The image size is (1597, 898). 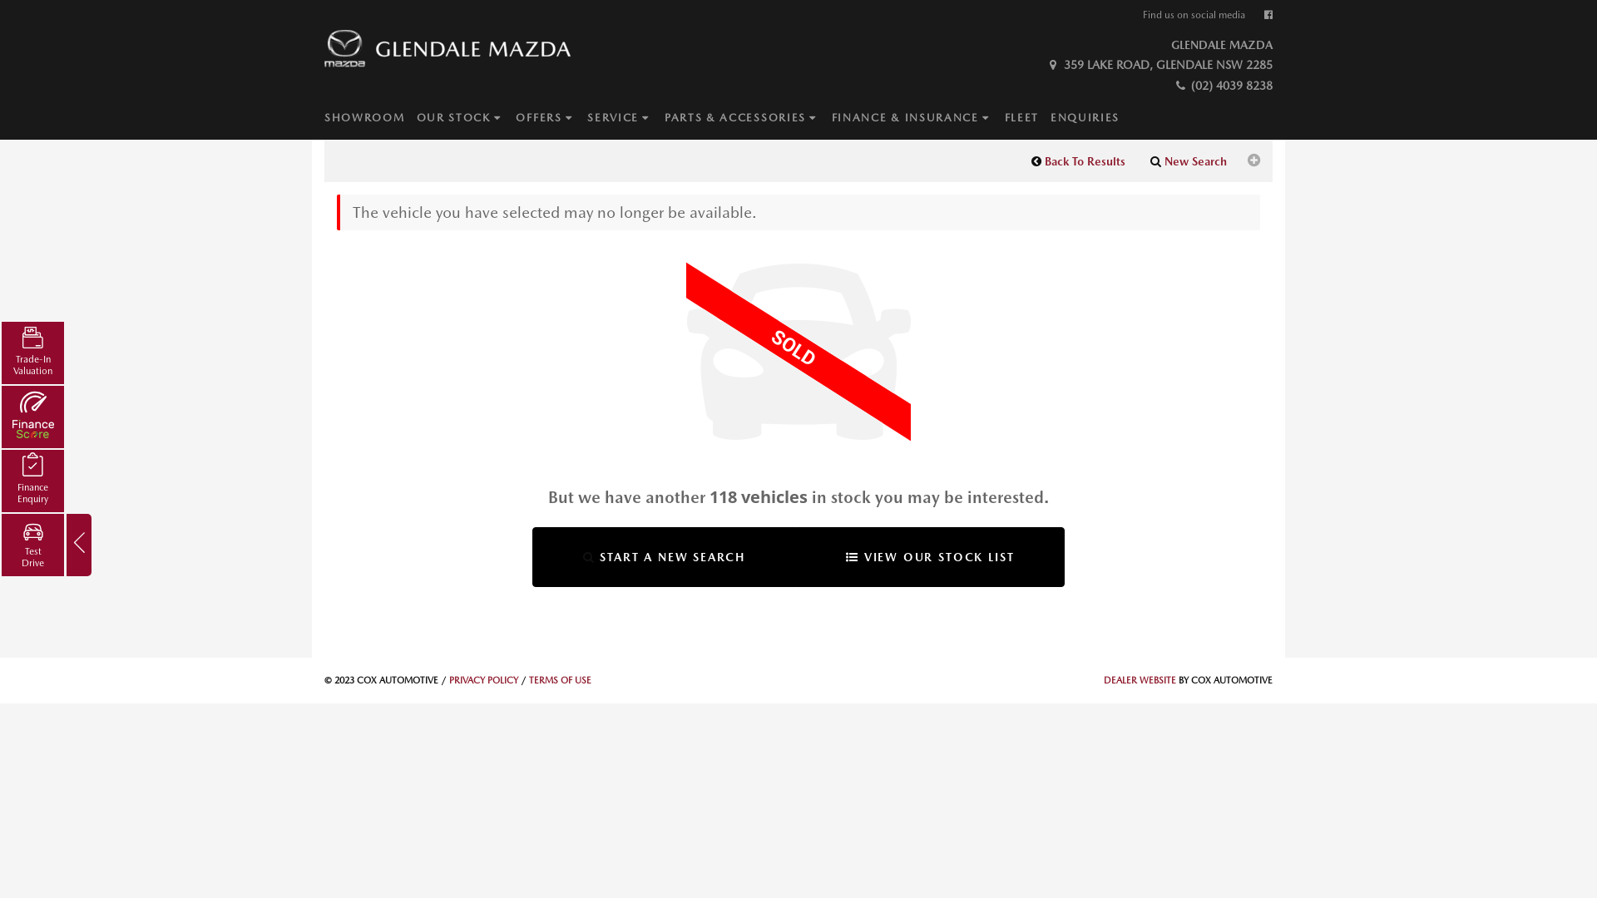 I want to click on 'ENQUIRIES', so click(x=1090, y=117).